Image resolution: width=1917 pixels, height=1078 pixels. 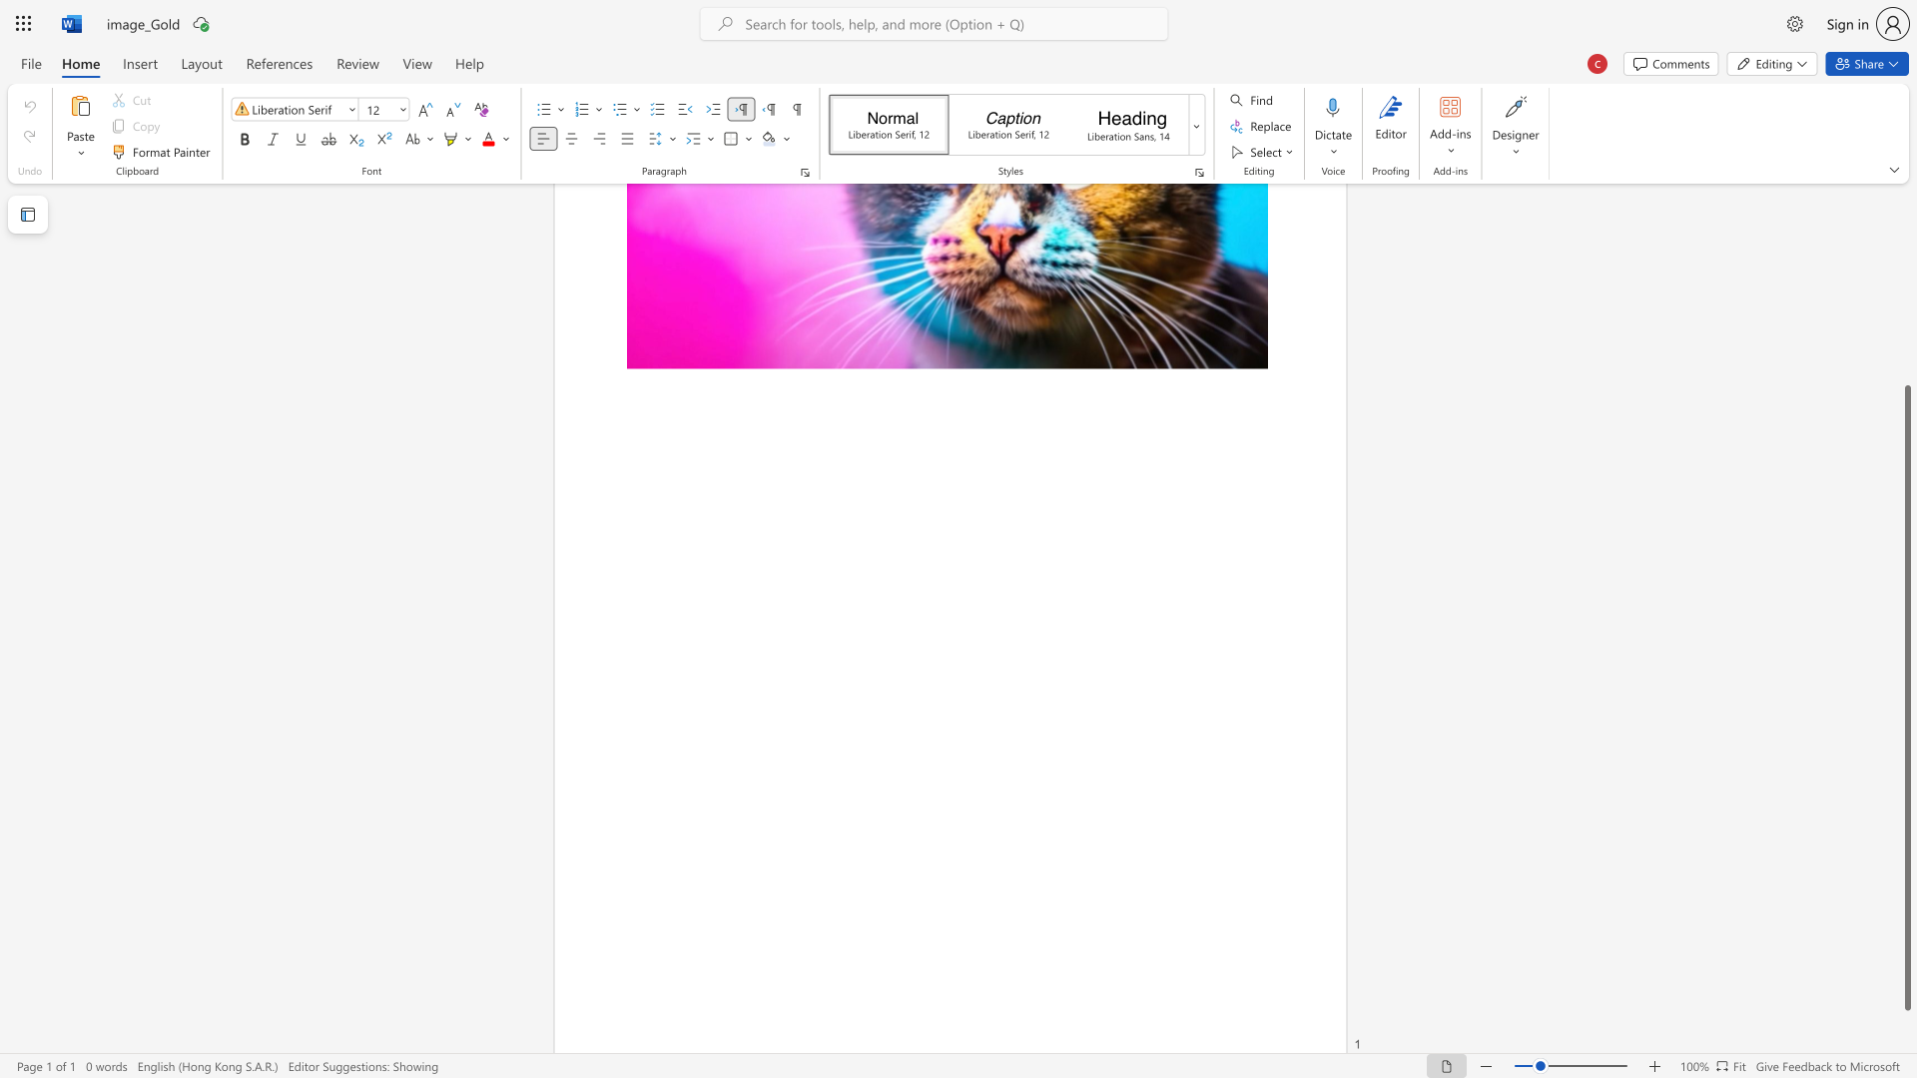 What do you see at coordinates (1906, 328) in the screenshot?
I see `the vertical scrollbar to raise the page content` at bounding box center [1906, 328].